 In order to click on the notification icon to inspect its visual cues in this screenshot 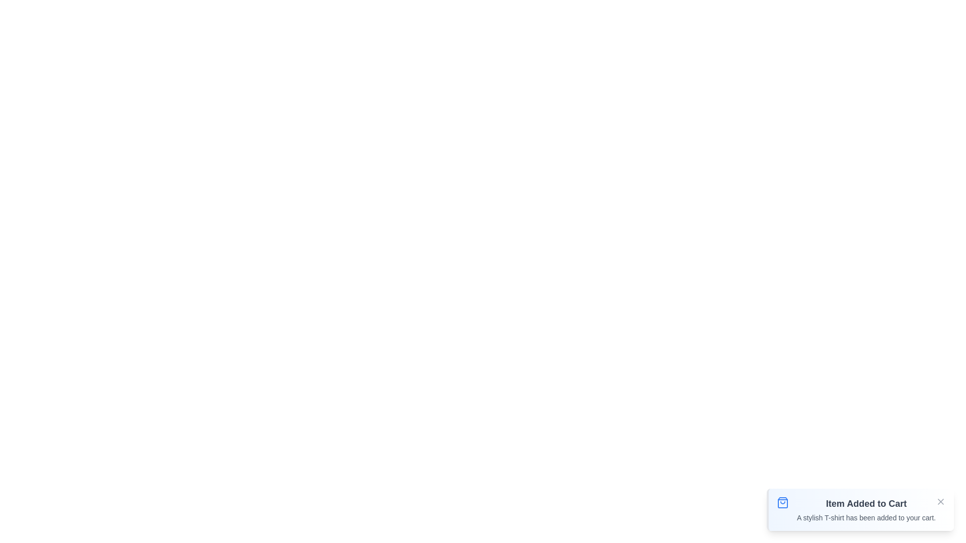, I will do `click(782, 502)`.